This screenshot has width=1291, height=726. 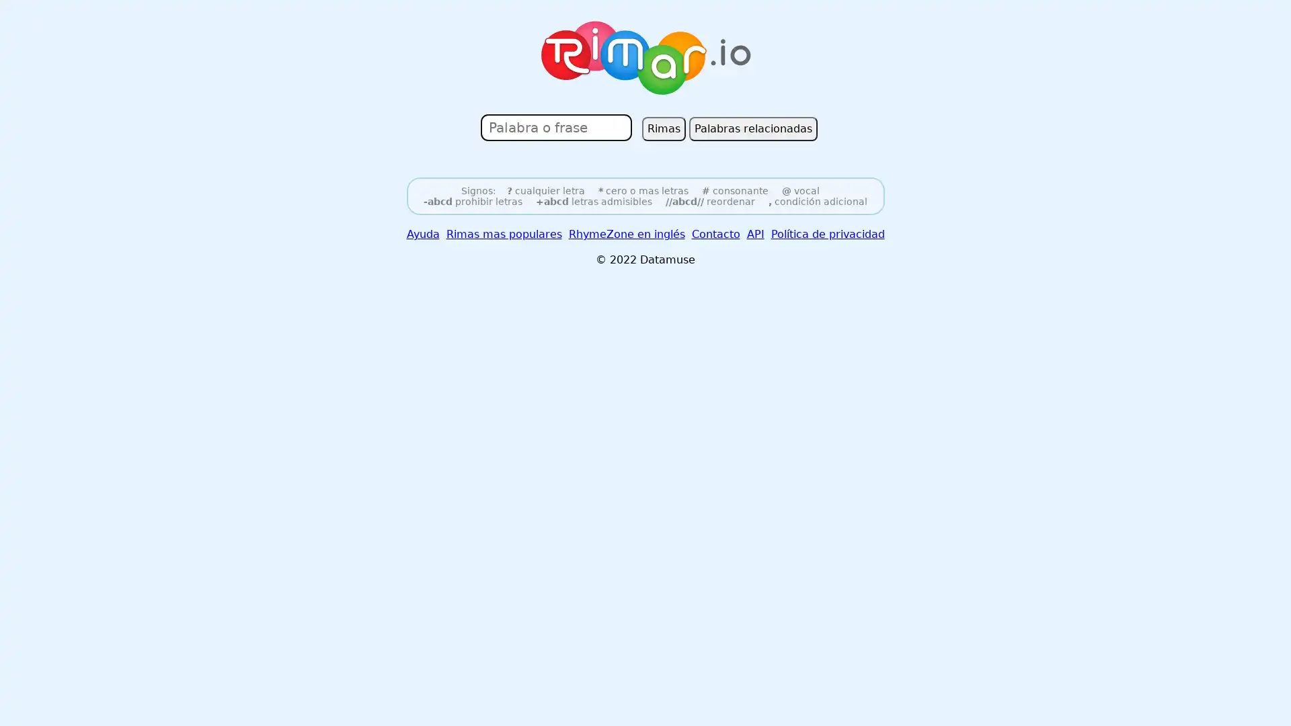 I want to click on Palabras relacionadas, so click(x=752, y=128).